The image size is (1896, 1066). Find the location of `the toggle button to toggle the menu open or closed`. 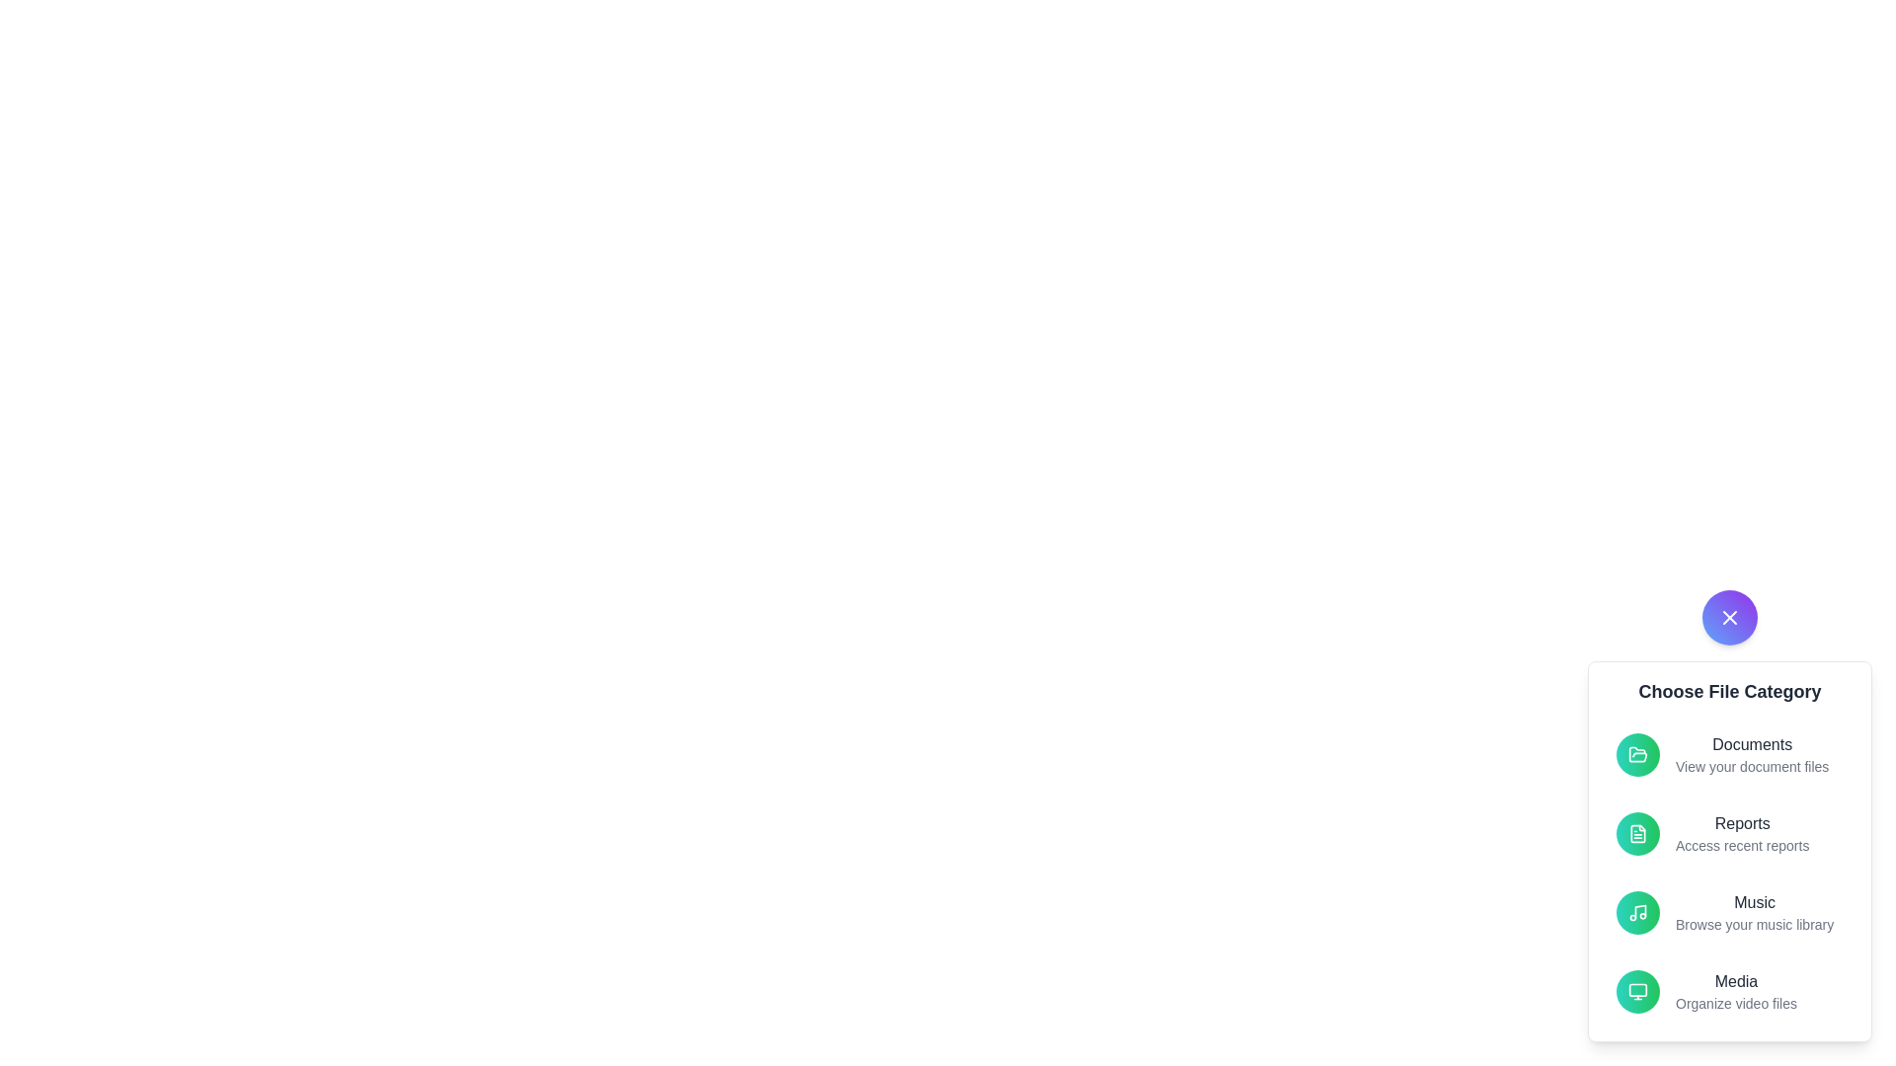

the toggle button to toggle the menu open or closed is located at coordinates (1729, 616).